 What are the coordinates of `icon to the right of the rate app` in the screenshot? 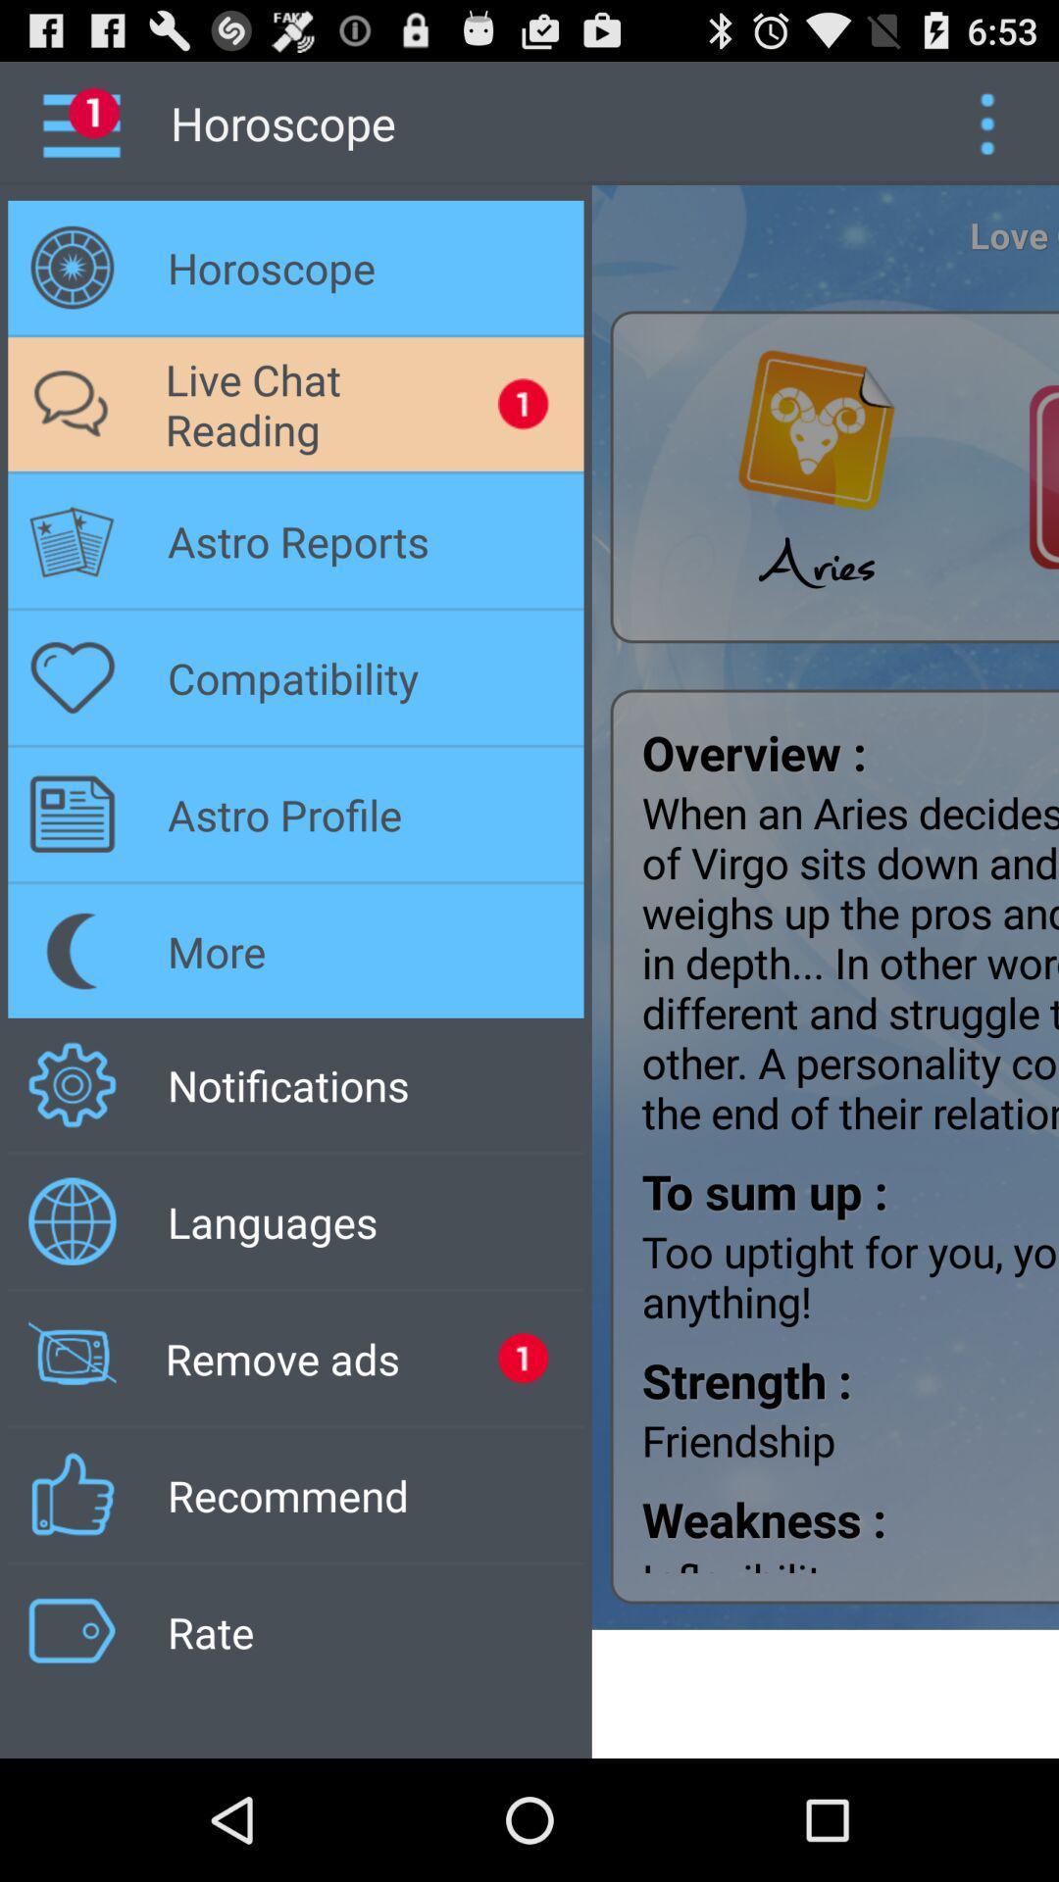 It's located at (825, 1693).